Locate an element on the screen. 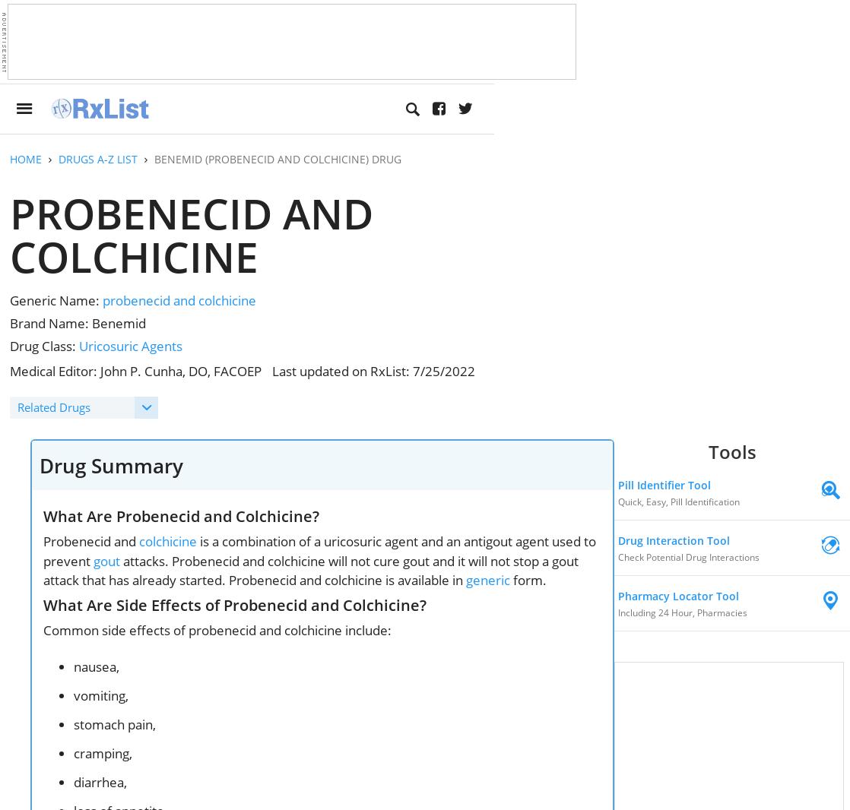 The height and width of the screenshot is (810, 850). 'Generic Name:' is located at coordinates (56, 300).